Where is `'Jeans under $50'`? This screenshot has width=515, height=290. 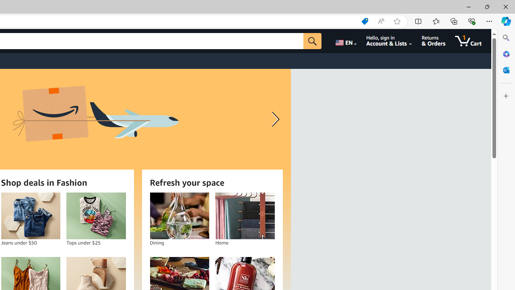
'Jeans under $50' is located at coordinates (31, 215).